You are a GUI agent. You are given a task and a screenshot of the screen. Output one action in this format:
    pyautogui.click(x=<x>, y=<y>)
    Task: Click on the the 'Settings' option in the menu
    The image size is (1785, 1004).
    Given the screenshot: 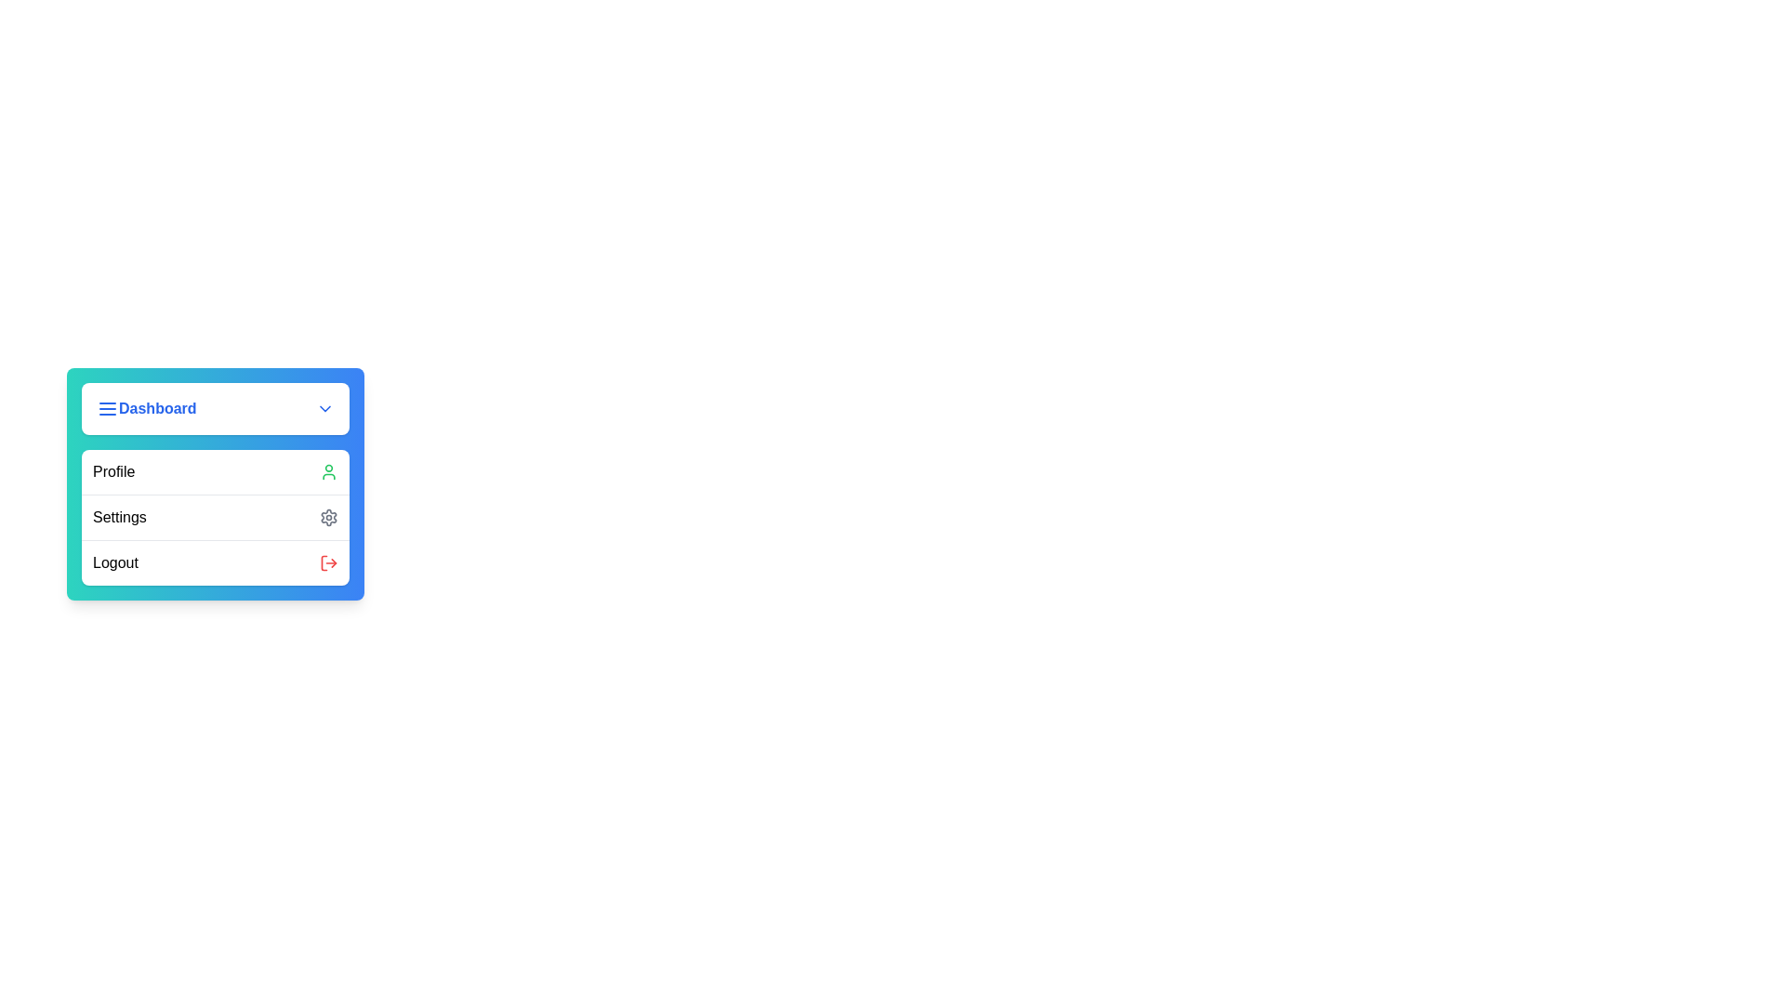 What is the action you would take?
    pyautogui.click(x=215, y=517)
    